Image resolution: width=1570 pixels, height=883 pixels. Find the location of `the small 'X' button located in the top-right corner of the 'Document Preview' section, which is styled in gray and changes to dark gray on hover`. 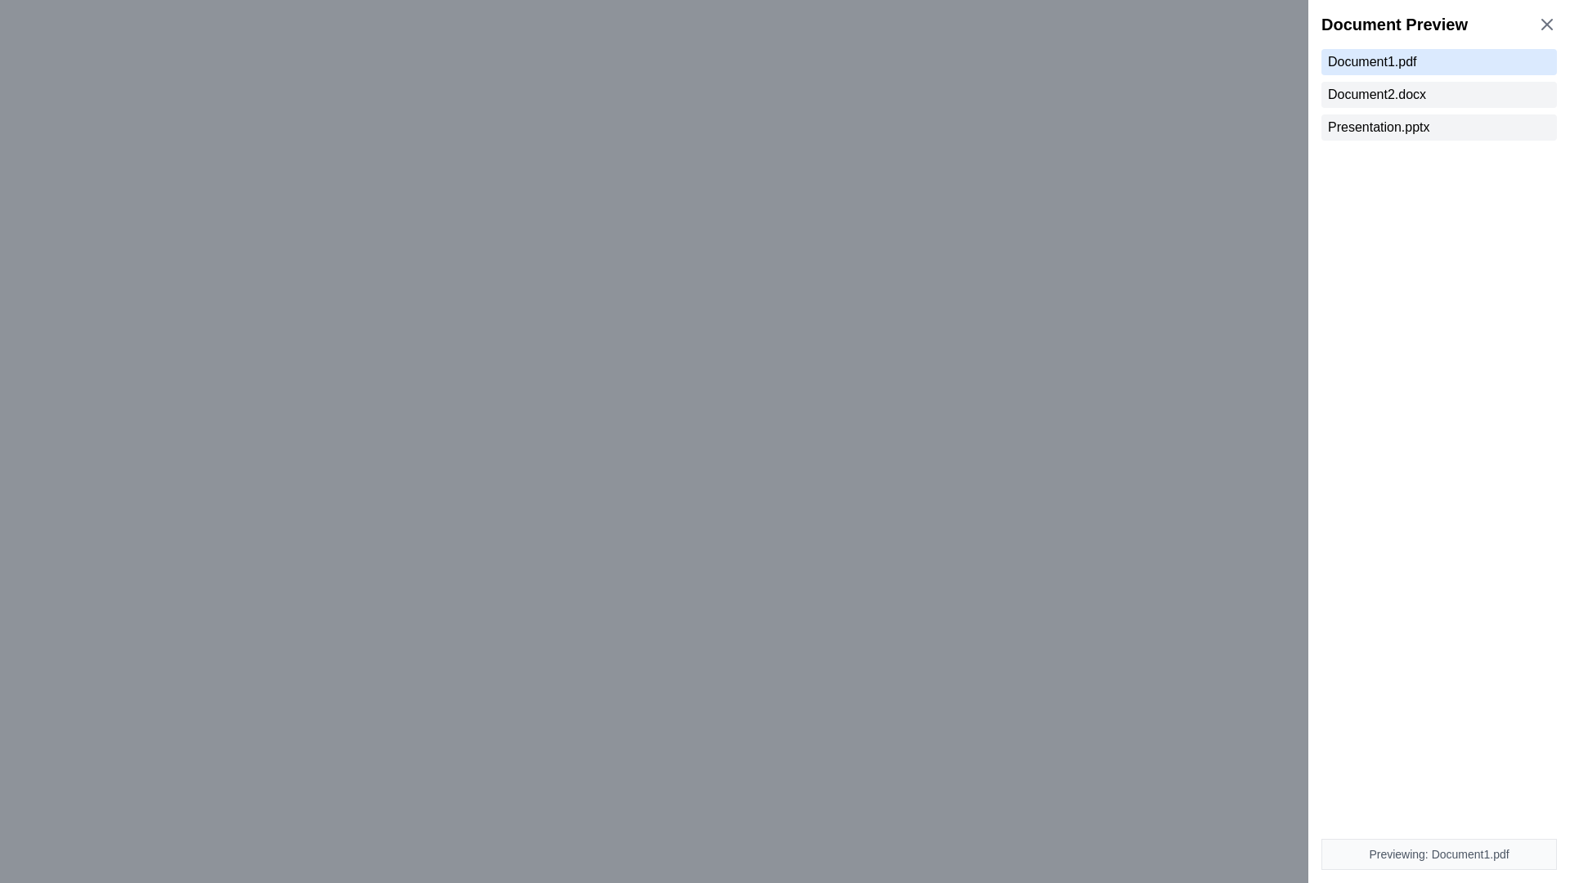

the small 'X' button located in the top-right corner of the 'Document Preview' section, which is styled in gray and changes to dark gray on hover is located at coordinates (1545, 25).